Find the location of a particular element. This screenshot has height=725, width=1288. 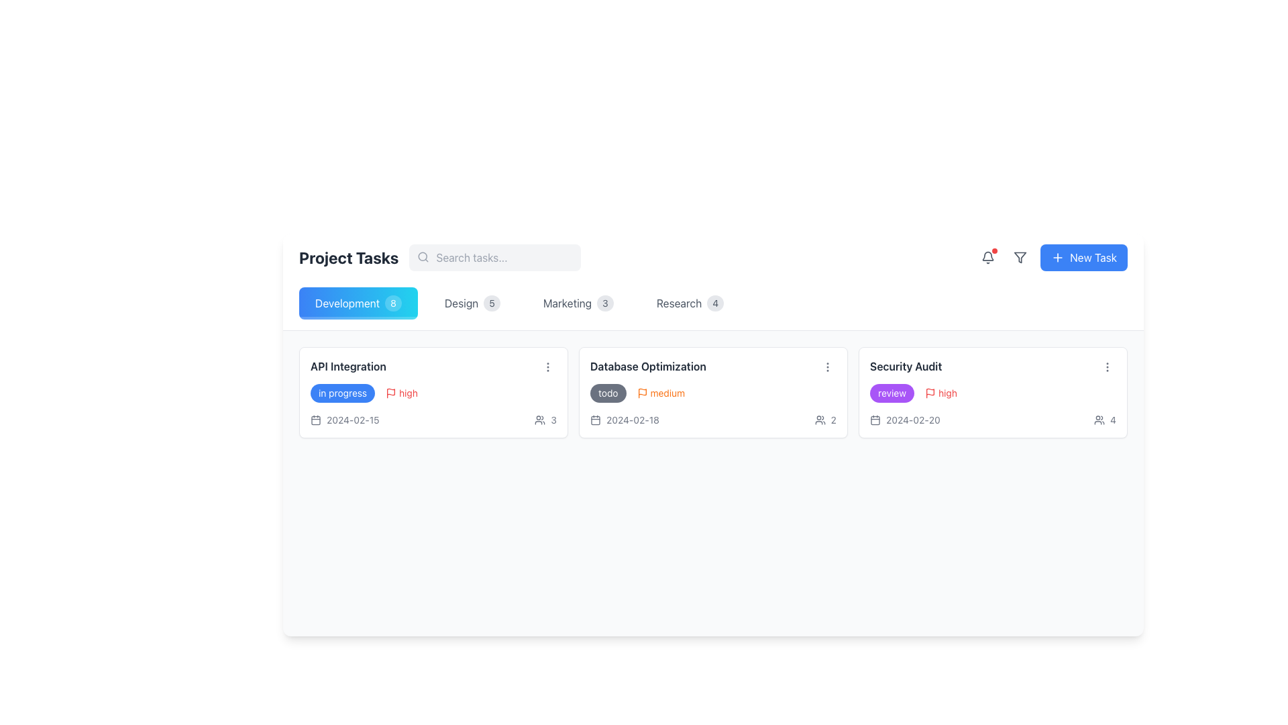

the magnifying glass icon located within the 'Project Tasks' search bar is located at coordinates (440, 258).